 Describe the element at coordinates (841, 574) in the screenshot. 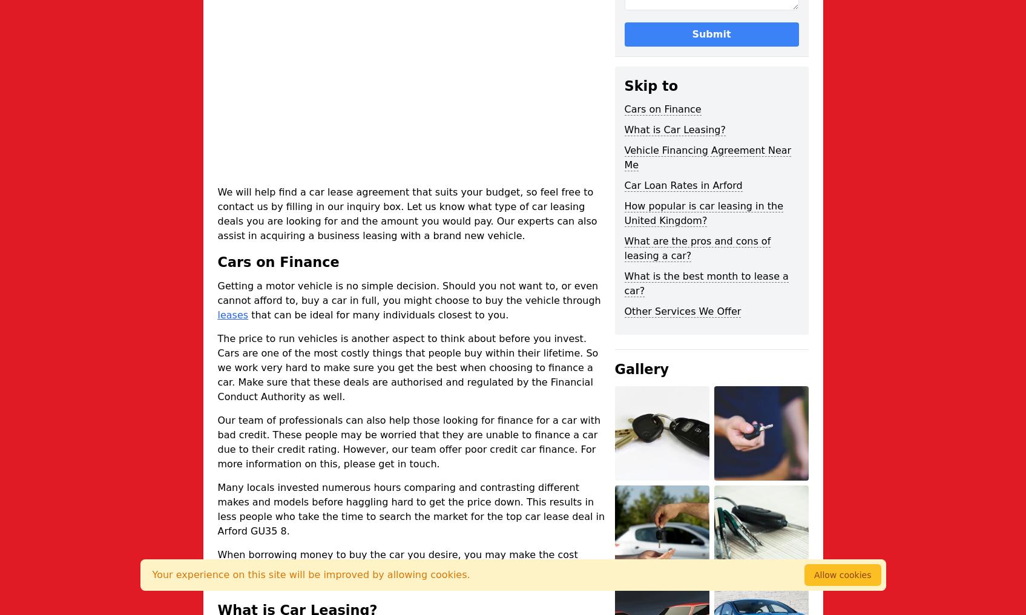

I see `'Allow cookies'` at that location.